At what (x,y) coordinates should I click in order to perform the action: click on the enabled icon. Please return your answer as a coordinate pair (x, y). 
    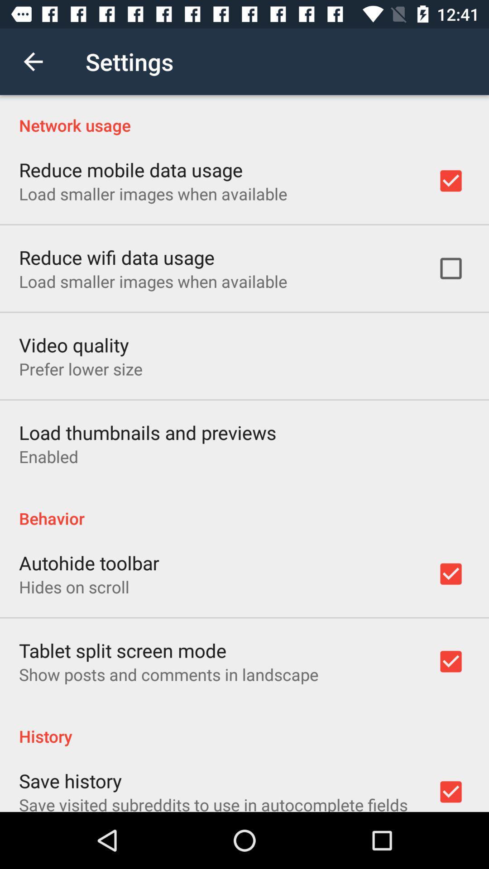
    Looking at the image, I should click on (48, 456).